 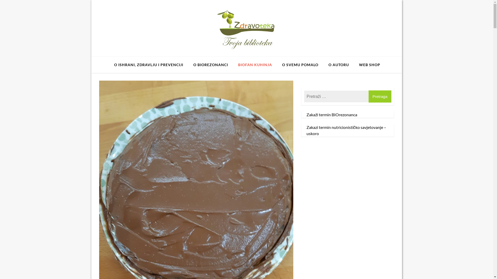 I want to click on 'Pretraga', so click(x=380, y=96).